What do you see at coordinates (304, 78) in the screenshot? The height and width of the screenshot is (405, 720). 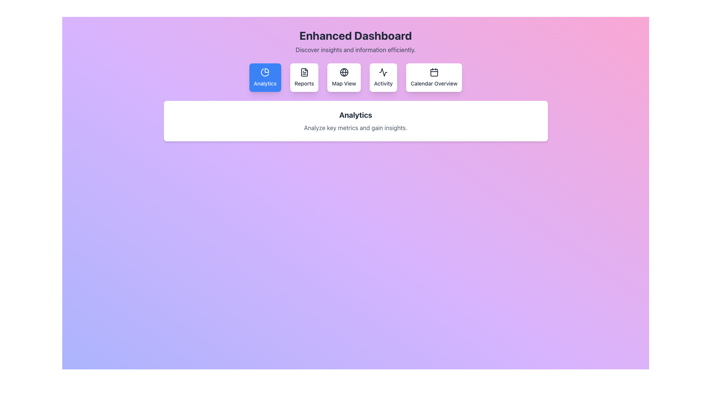 I see `the 'Reports' button, which is positioned to the right of the 'Analytics' button and left of the 'Map View' button` at bounding box center [304, 78].